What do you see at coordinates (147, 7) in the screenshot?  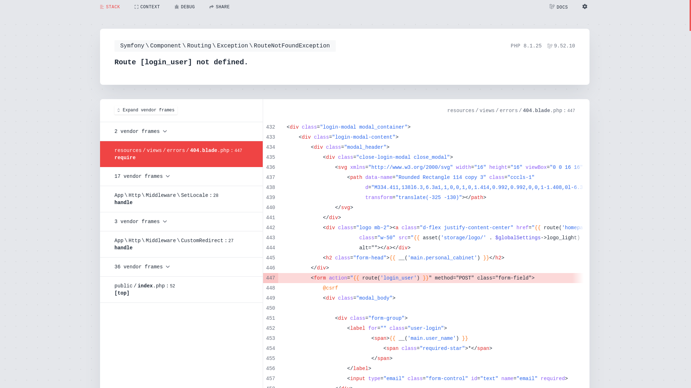 I see `'CONTEXT'` at bounding box center [147, 7].